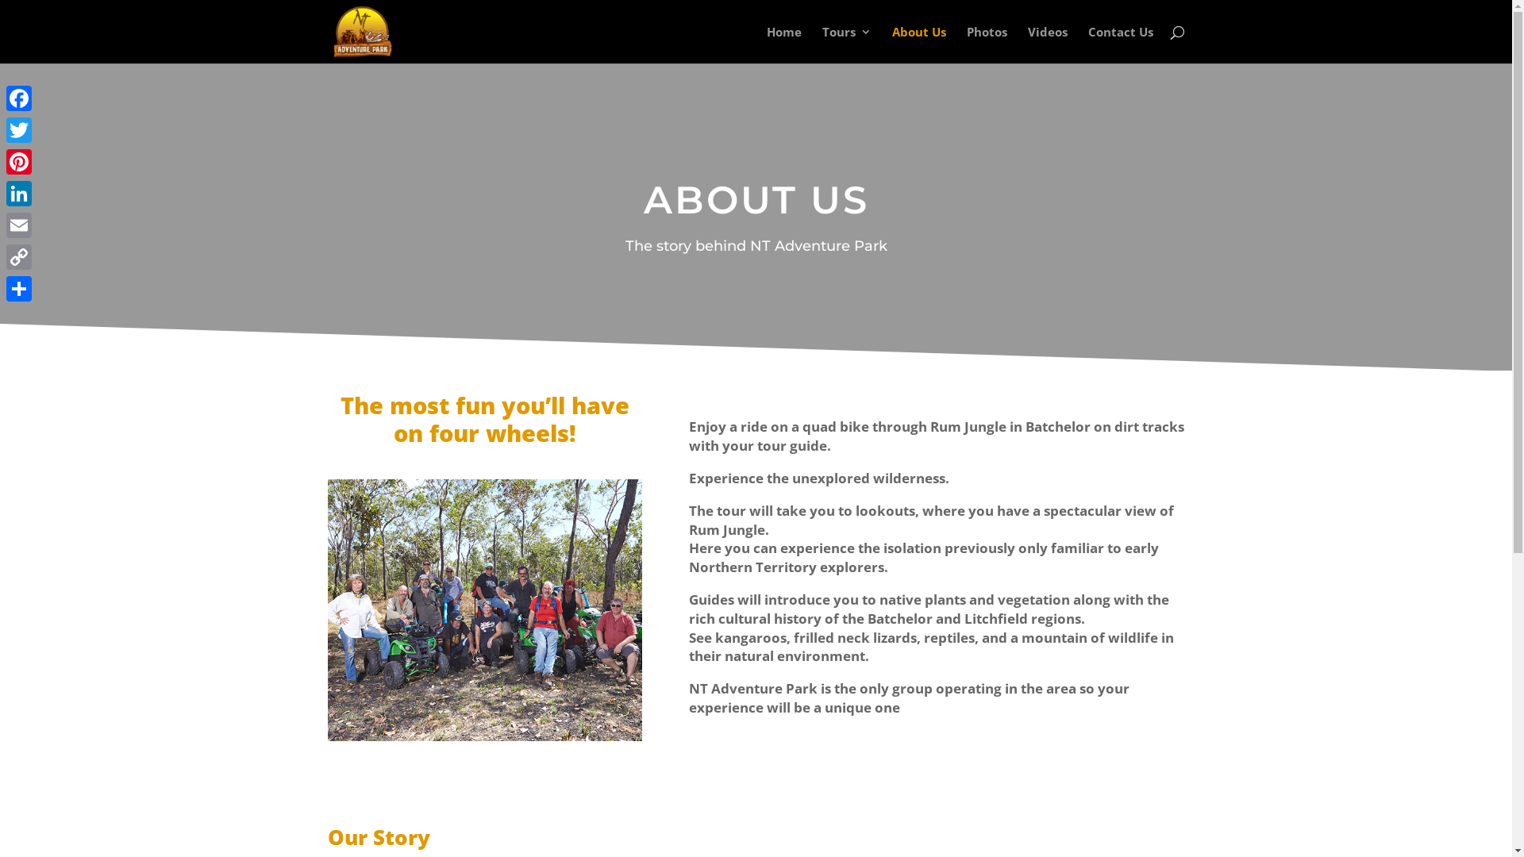  What do you see at coordinates (19, 225) in the screenshot?
I see `'Email'` at bounding box center [19, 225].